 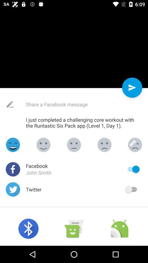 I want to click on switch autoplay option, so click(x=132, y=169).